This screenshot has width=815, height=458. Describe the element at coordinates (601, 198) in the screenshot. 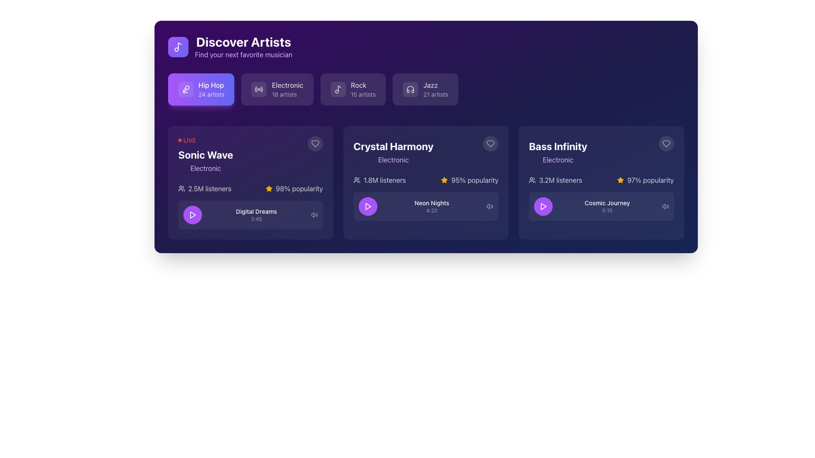

I see `the 'Cosmic Journey' display component, which shows the title in bold white font and the time '5:15' in gray text, located at the bottom center of the last card under the 'Bass Infinity' heading` at that location.